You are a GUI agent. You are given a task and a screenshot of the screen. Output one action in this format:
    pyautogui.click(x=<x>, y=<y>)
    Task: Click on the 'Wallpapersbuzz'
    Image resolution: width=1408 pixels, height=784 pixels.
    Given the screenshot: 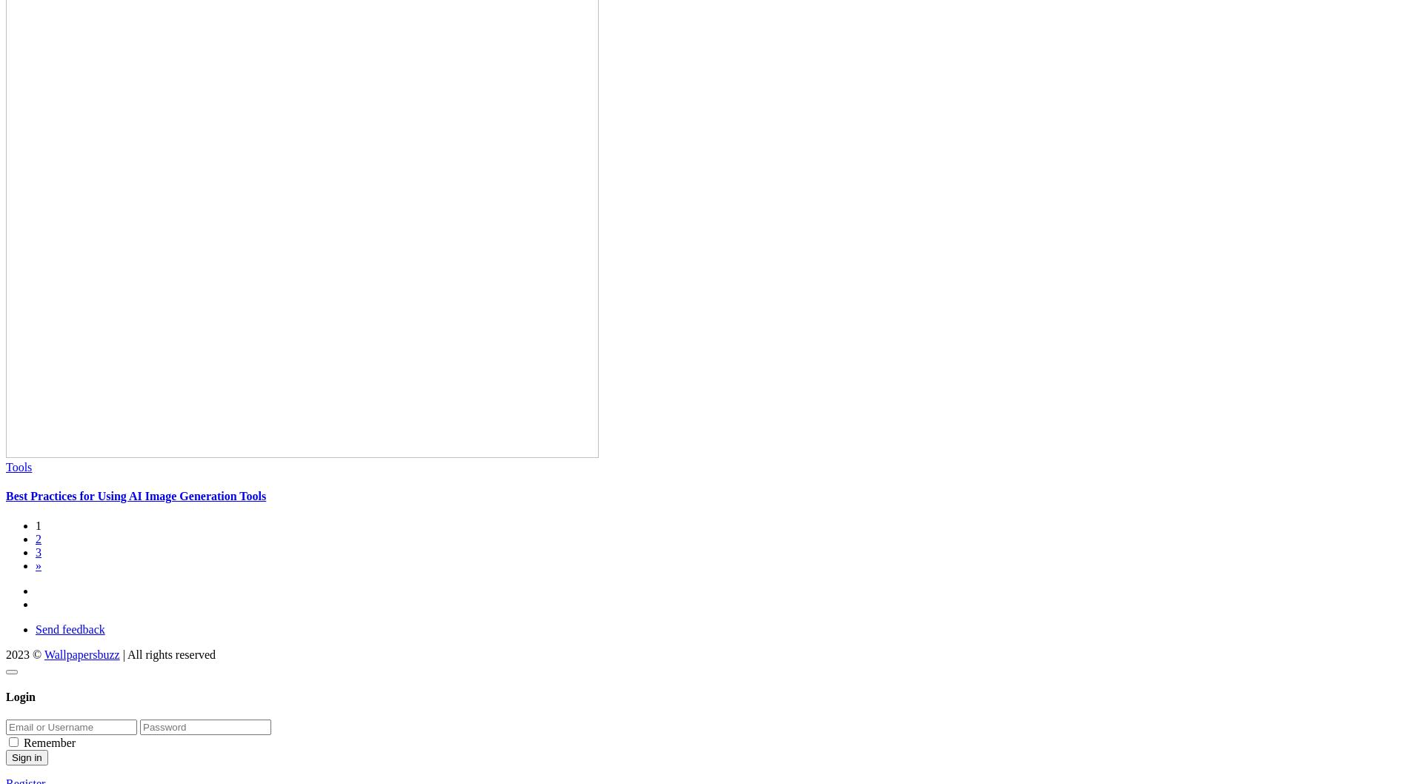 What is the action you would take?
    pyautogui.click(x=44, y=654)
    